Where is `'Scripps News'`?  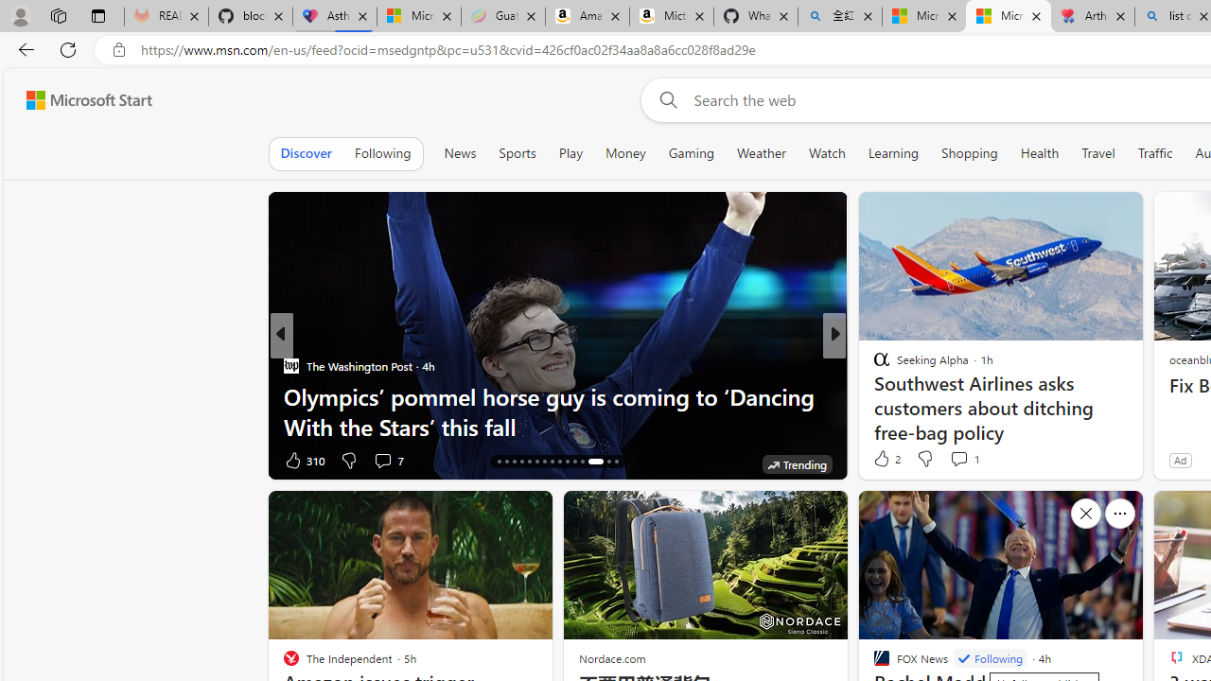
'Scripps News' is located at coordinates (872, 366).